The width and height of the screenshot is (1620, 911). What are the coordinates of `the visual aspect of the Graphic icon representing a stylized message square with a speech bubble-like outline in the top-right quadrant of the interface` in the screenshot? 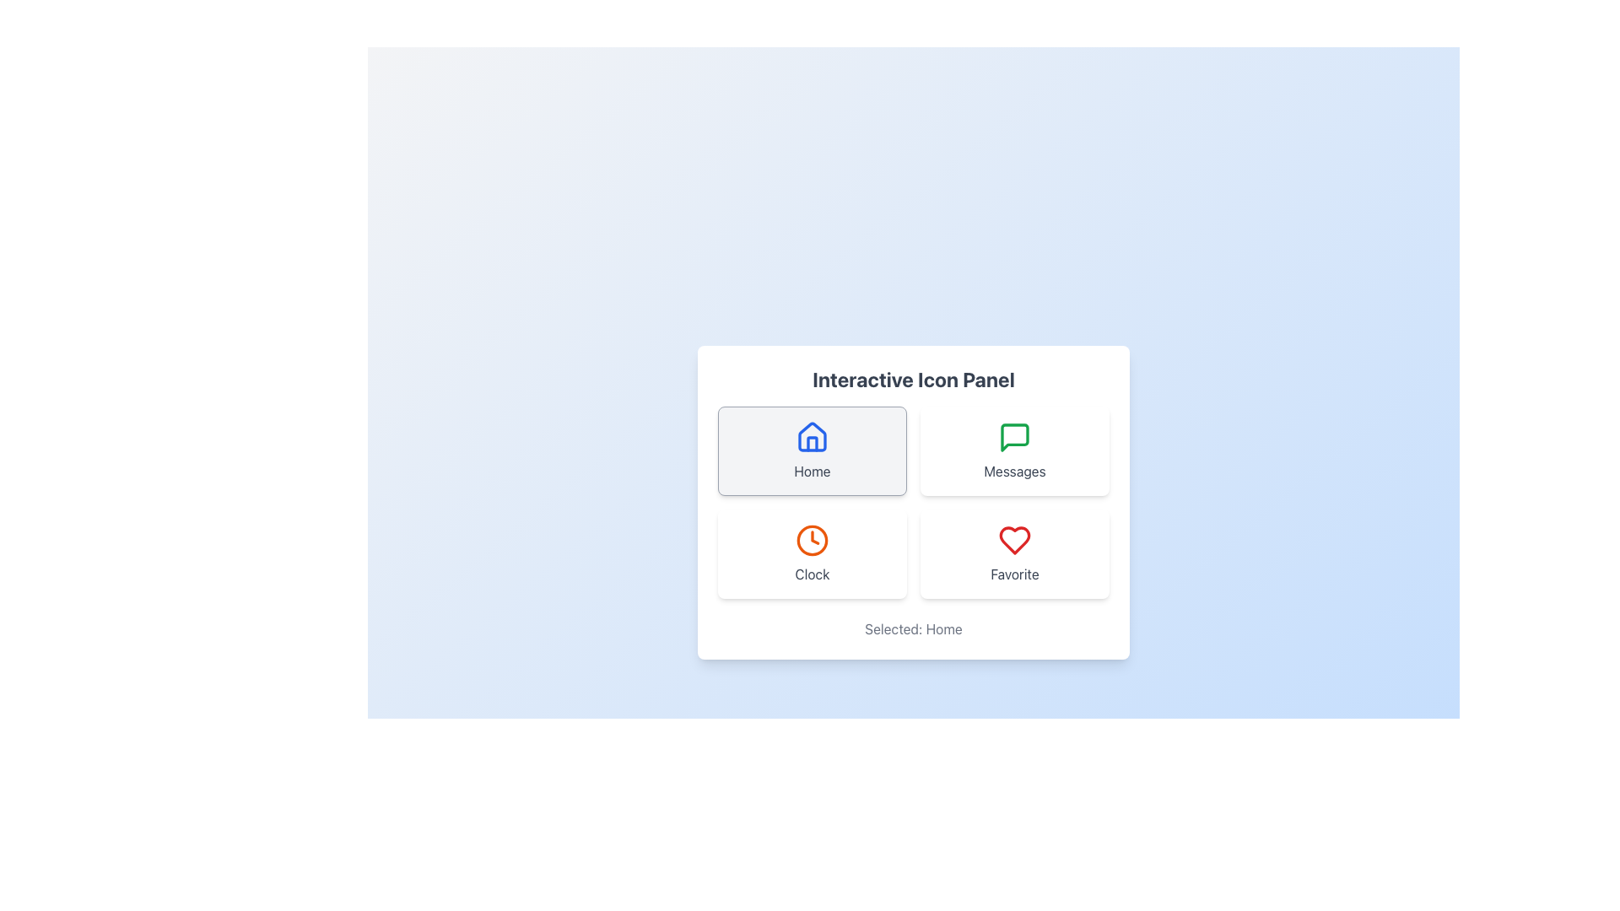 It's located at (1014, 437).